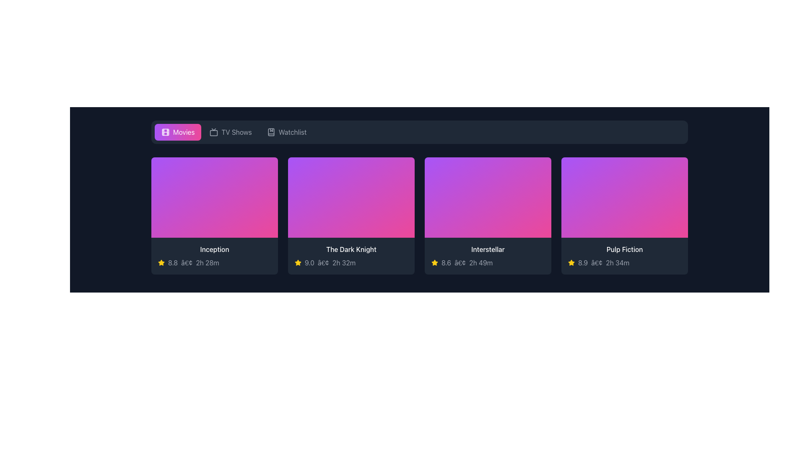 Image resolution: width=805 pixels, height=452 pixels. Describe the element at coordinates (165, 132) in the screenshot. I see `the rounded rectangle element with dimensions 18x18 units, located centrally within the film roll SVG icon` at that location.